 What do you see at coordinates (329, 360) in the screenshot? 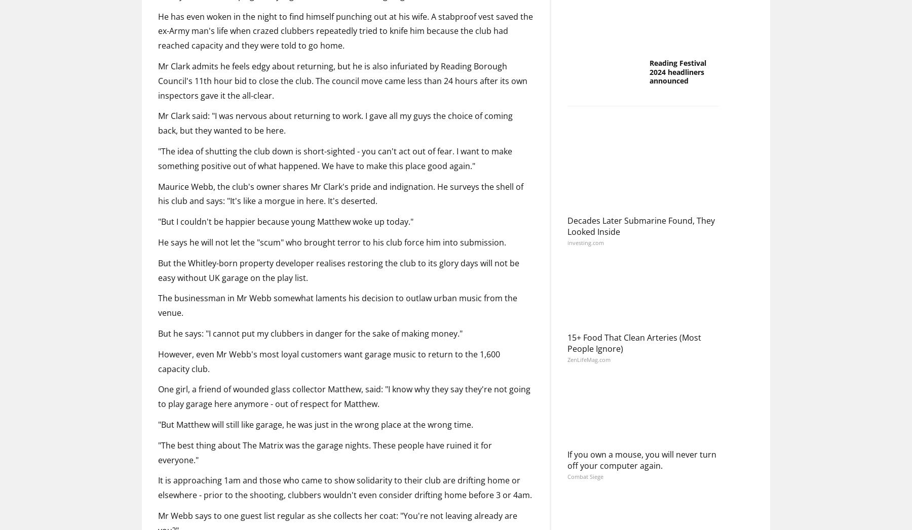
I see `'However, even Mr Webb's most loyal customers want garage music to return to the 1,600 capacity club.'` at bounding box center [329, 360].